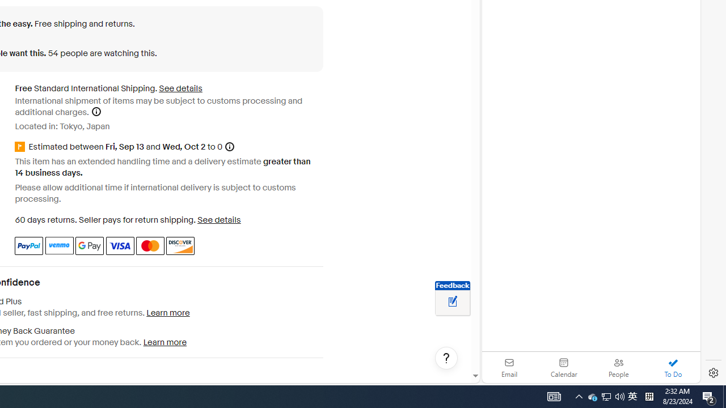 Image resolution: width=726 pixels, height=408 pixels. Describe the element at coordinates (618, 367) in the screenshot. I see `'People'` at that location.